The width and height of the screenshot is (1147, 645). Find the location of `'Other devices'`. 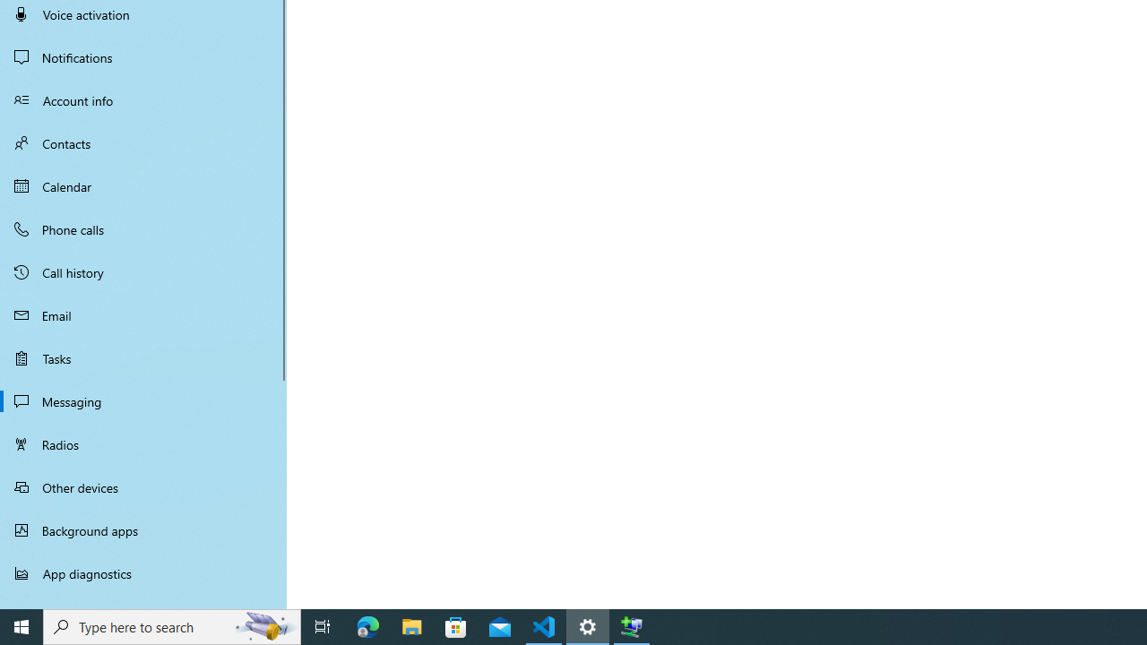

'Other devices' is located at coordinates (143, 486).